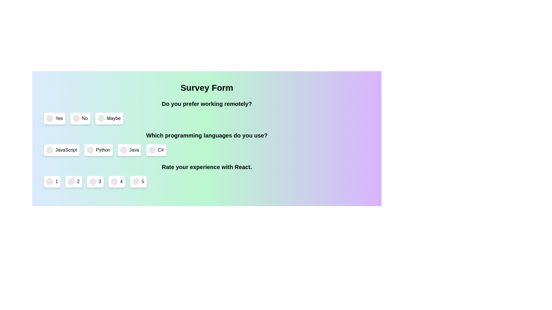  I want to click on the header text 'Which programming languages do you use?' which is styled with a large font and bold weight, positioned between a question about working remotely and a list of programming languages, so click(207, 135).